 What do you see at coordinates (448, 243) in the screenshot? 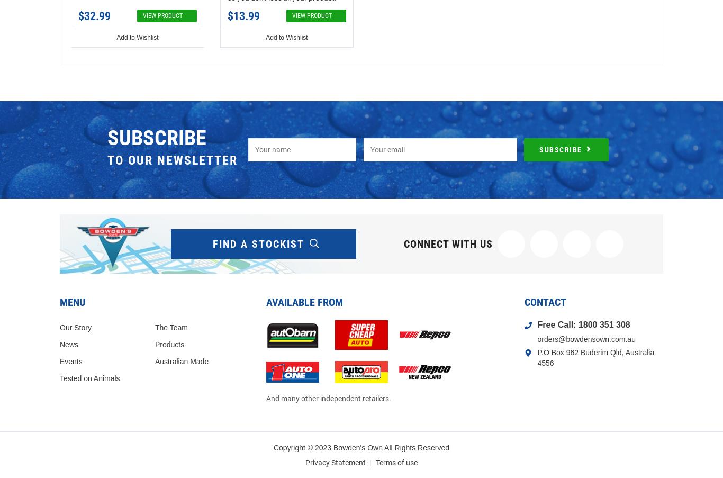
I see `'Connect With Us'` at bounding box center [448, 243].